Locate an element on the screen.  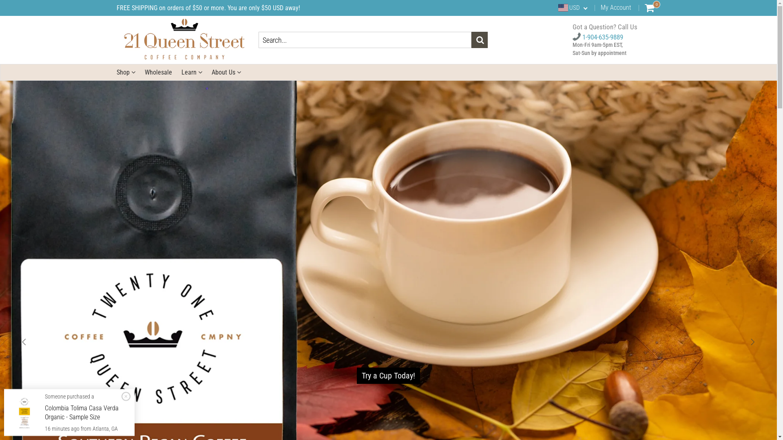
'Wholesale' is located at coordinates (158, 72).